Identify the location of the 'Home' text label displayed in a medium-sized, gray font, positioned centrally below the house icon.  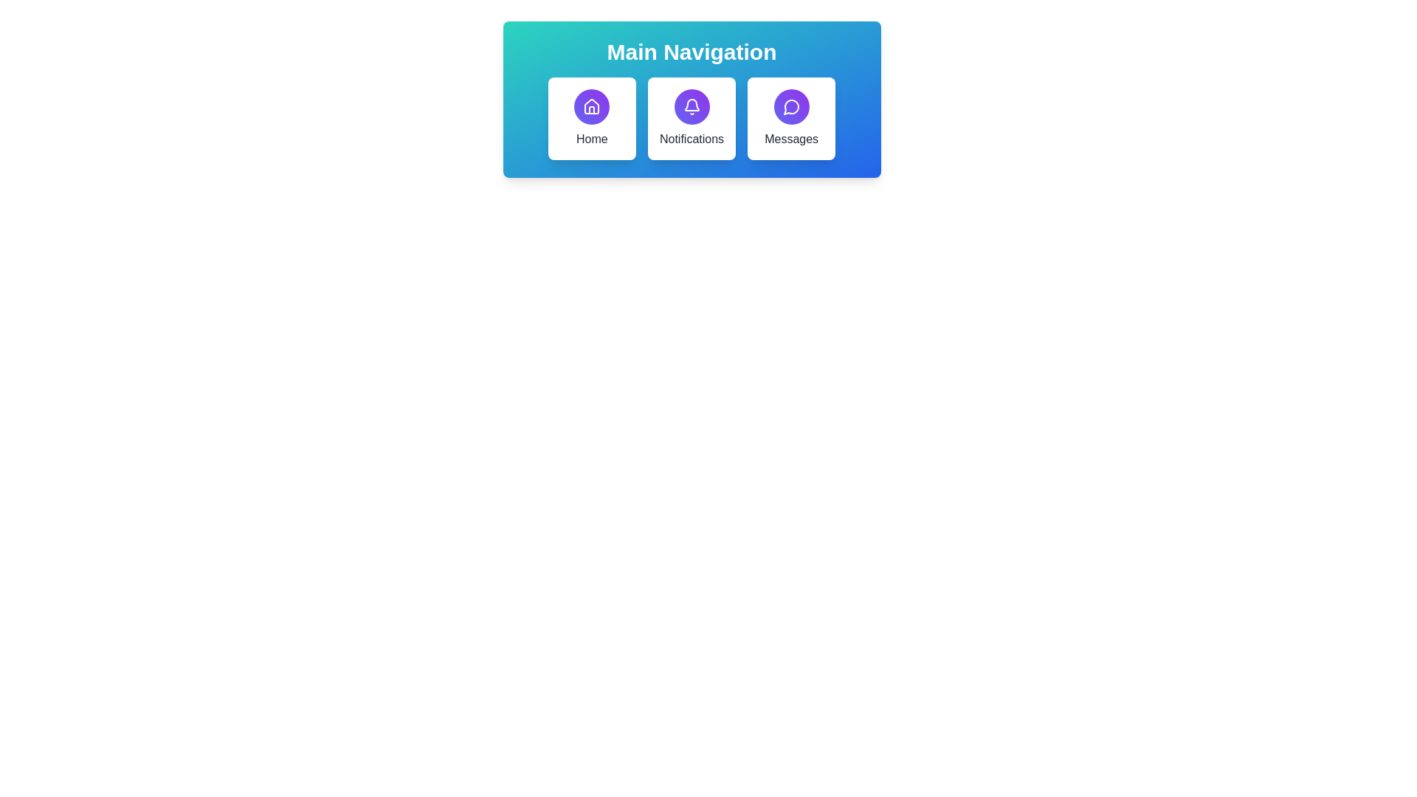
(592, 139).